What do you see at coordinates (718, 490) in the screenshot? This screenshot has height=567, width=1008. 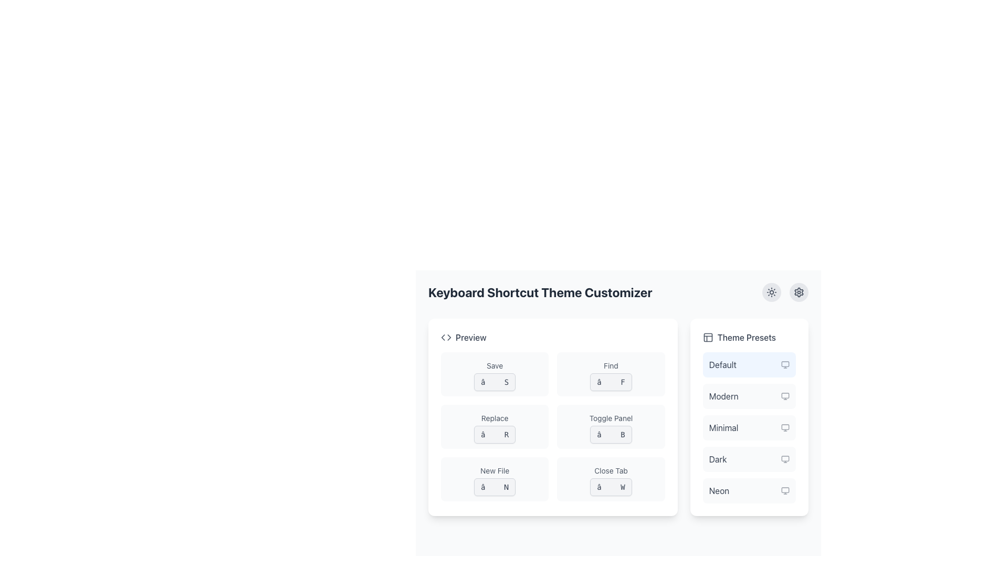 I see `text label that describes the fifth preset theme option in the 'Theme Presets' section located in the right panel of the interface, near the bottom` at bounding box center [718, 490].